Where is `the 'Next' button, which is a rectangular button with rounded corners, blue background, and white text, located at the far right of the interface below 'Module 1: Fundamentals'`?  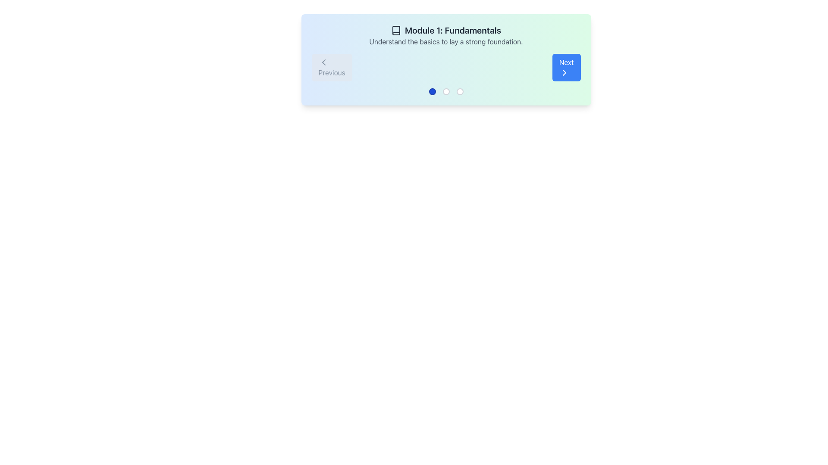
the 'Next' button, which is a rectangular button with rounded corners, blue background, and white text, located at the far right of the interface below 'Module 1: Fundamentals' is located at coordinates (566, 67).